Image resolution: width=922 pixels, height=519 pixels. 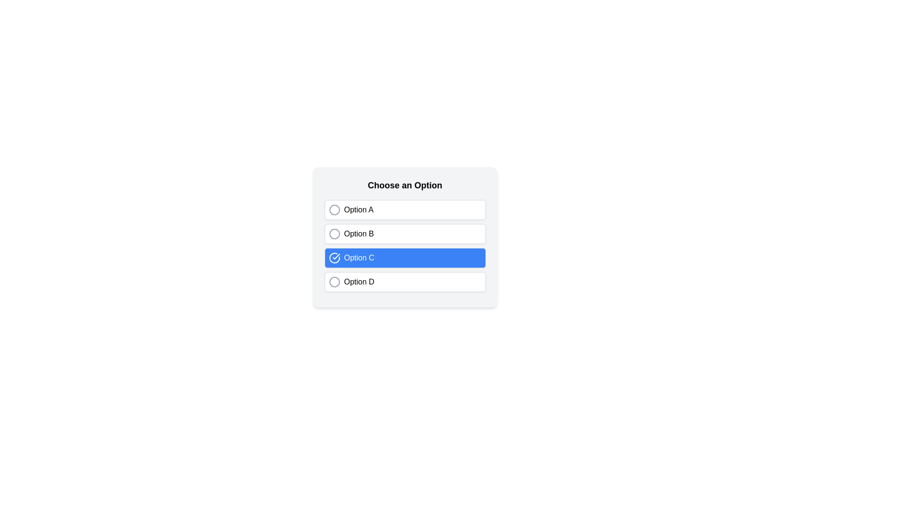 I want to click on the decorative circle icon located to the left of the text label 'Option A' in the first row of a vertical list of options, so click(x=334, y=209).